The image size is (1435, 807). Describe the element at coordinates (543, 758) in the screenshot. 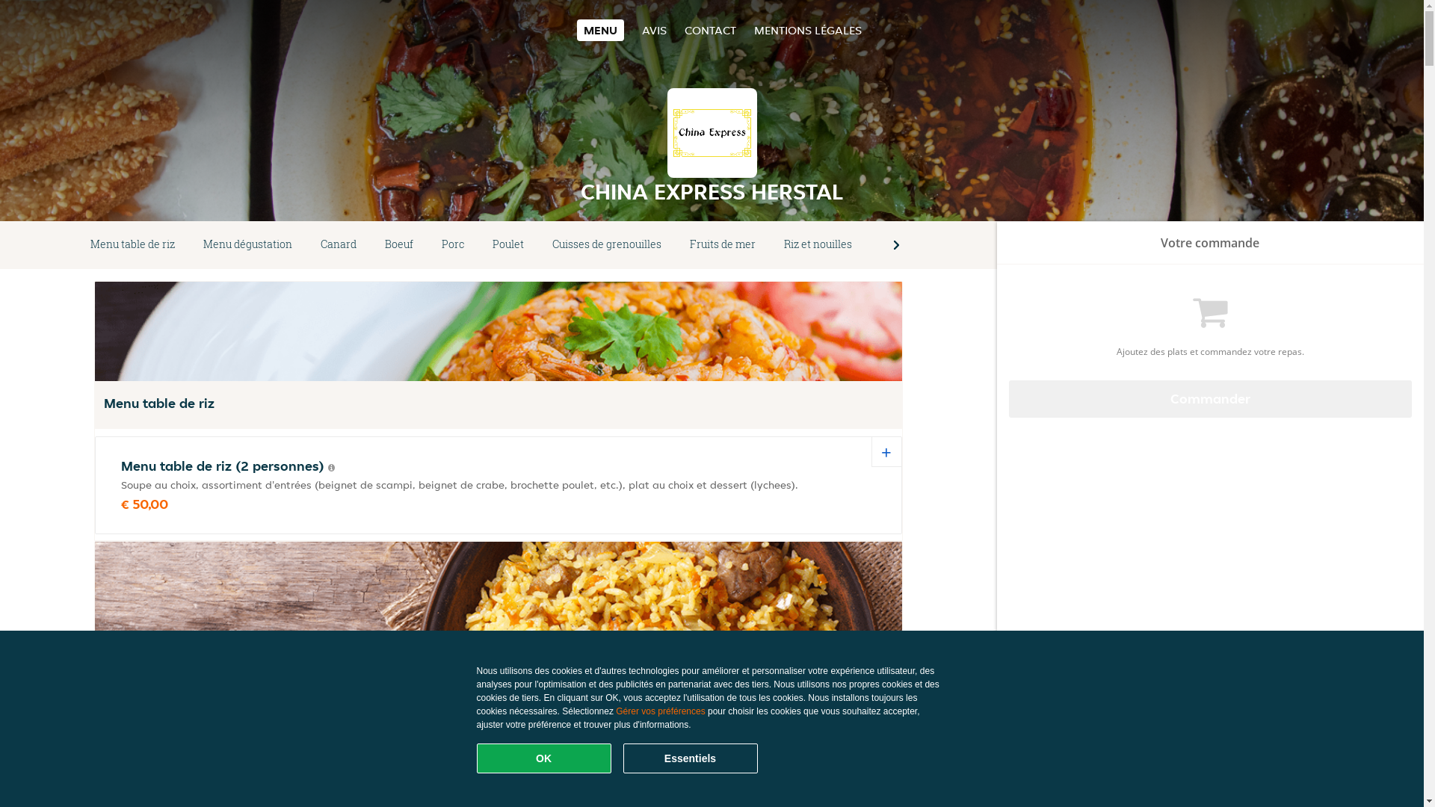

I see `'OK'` at that location.